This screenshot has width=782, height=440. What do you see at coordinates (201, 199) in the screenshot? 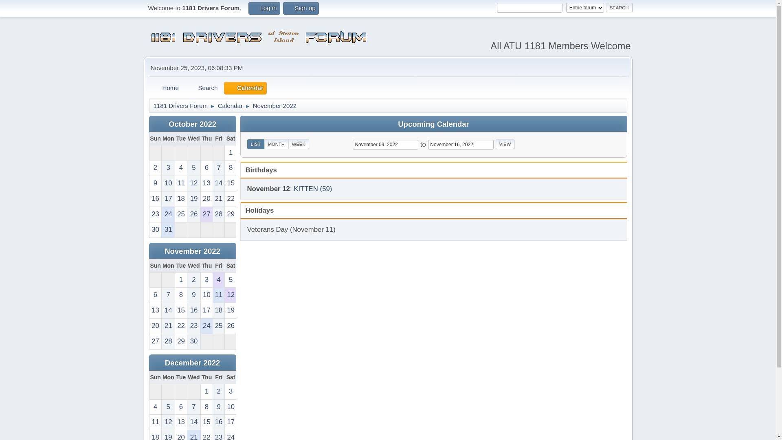
I see `'20'` at bounding box center [201, 199].